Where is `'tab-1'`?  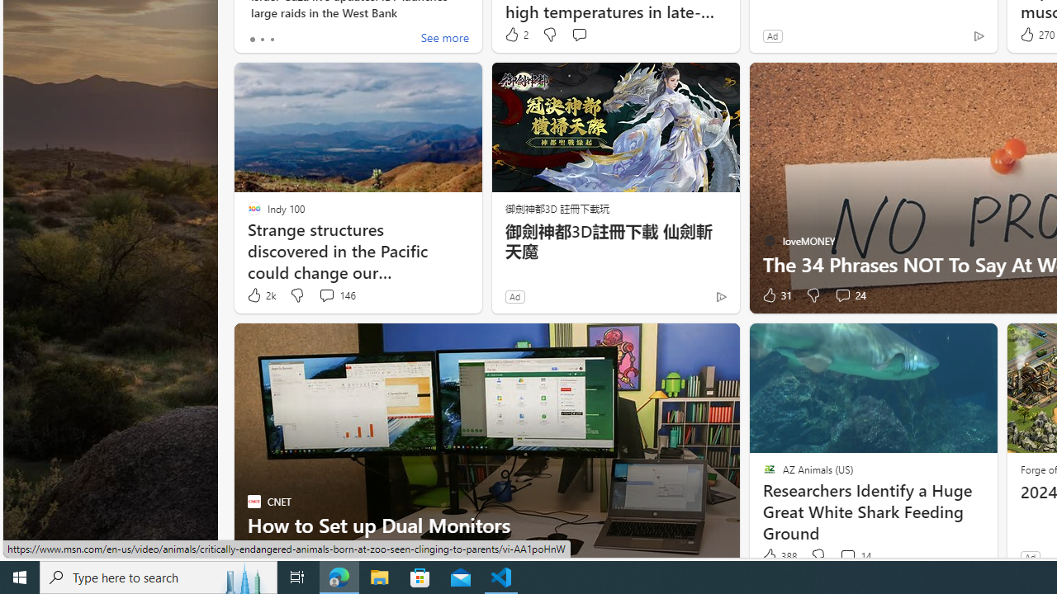 'tab-1' is located at coordinates (261, 38).